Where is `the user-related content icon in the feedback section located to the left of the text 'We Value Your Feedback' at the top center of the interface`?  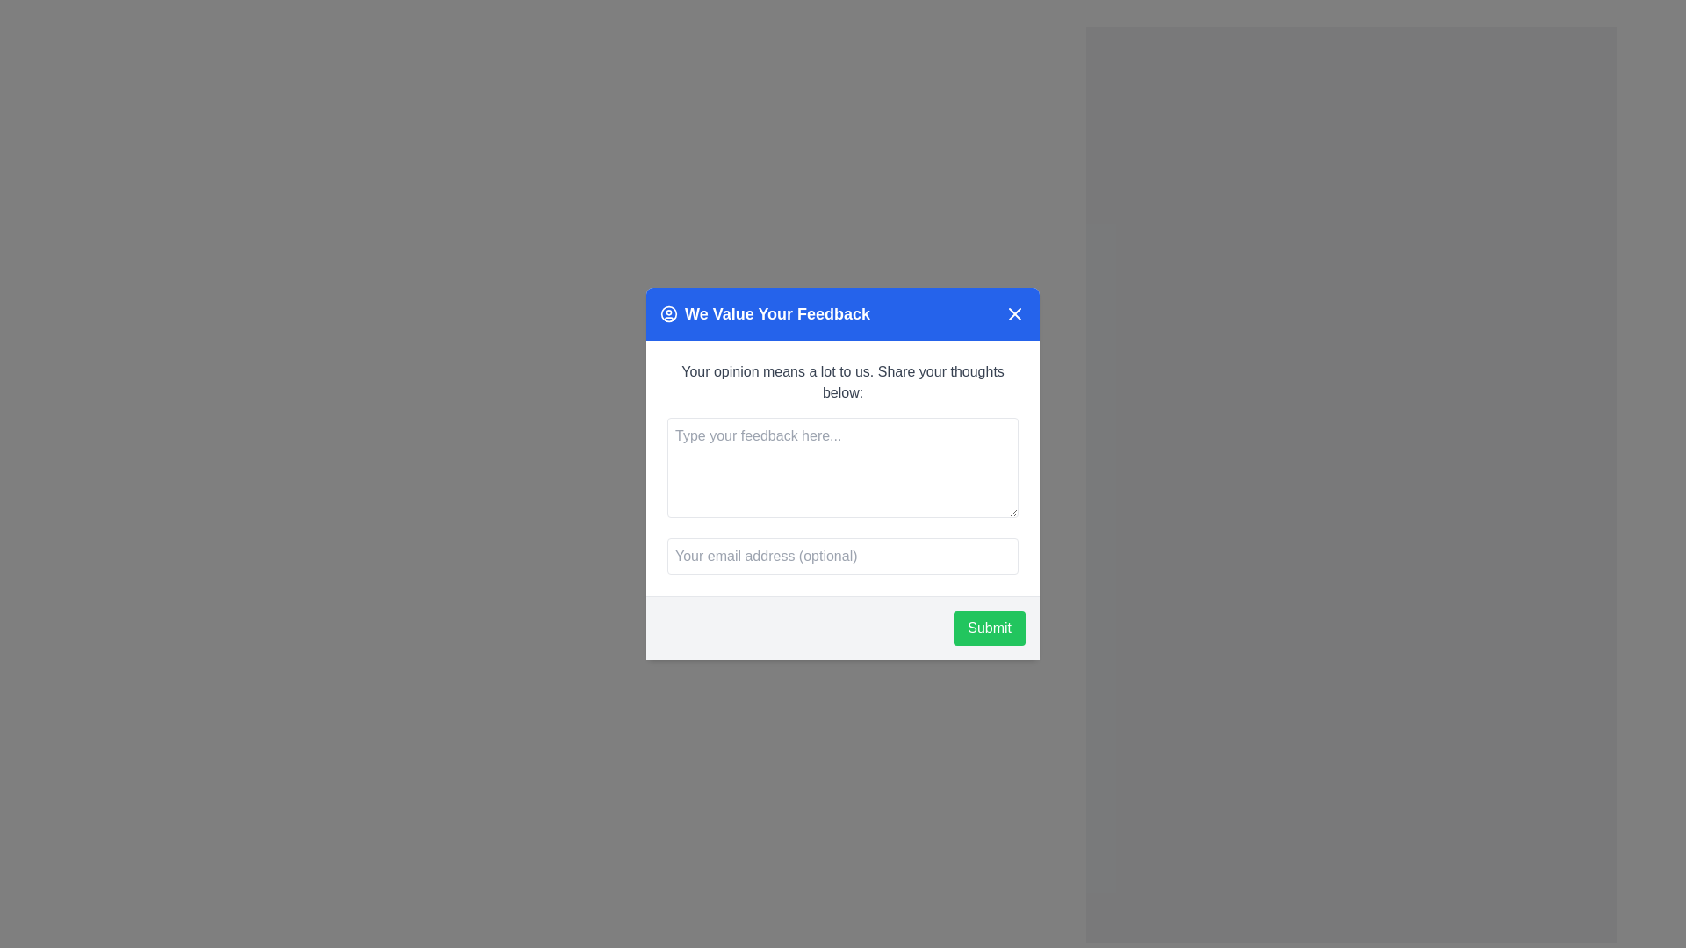
the user-related content icon in the feedback section located to the left of the text 'We Value Your Feedback' at the top center of the interface is located at coordinates (668, 313).